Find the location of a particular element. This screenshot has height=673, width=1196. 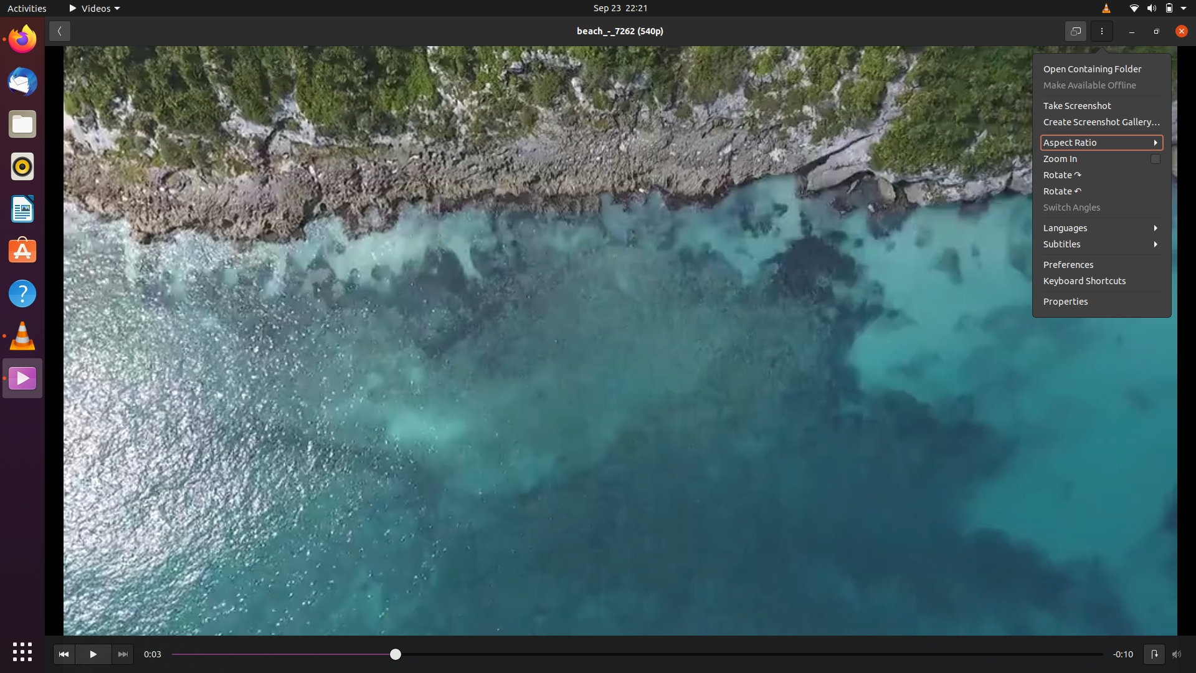

Increase the size of the video using the zoom in feature is located at coordinates (1102, 158).